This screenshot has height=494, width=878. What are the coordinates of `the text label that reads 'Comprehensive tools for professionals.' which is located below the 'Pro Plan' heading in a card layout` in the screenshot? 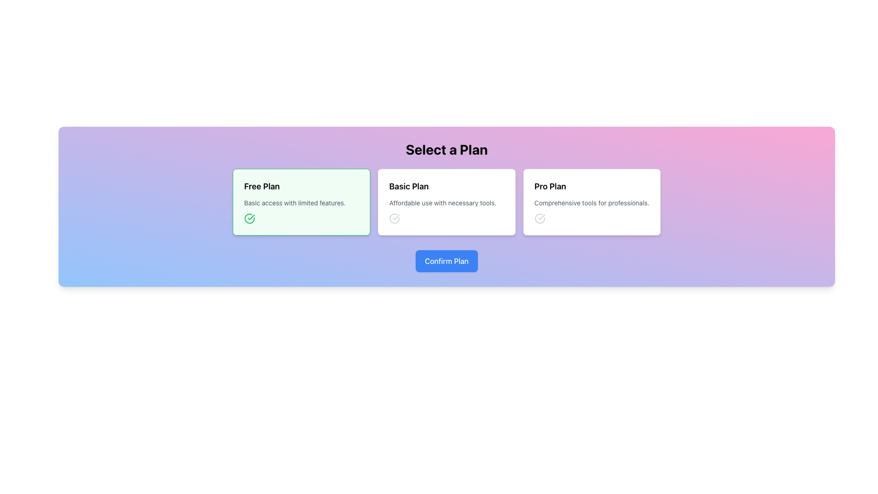 It's located at (592, 202).